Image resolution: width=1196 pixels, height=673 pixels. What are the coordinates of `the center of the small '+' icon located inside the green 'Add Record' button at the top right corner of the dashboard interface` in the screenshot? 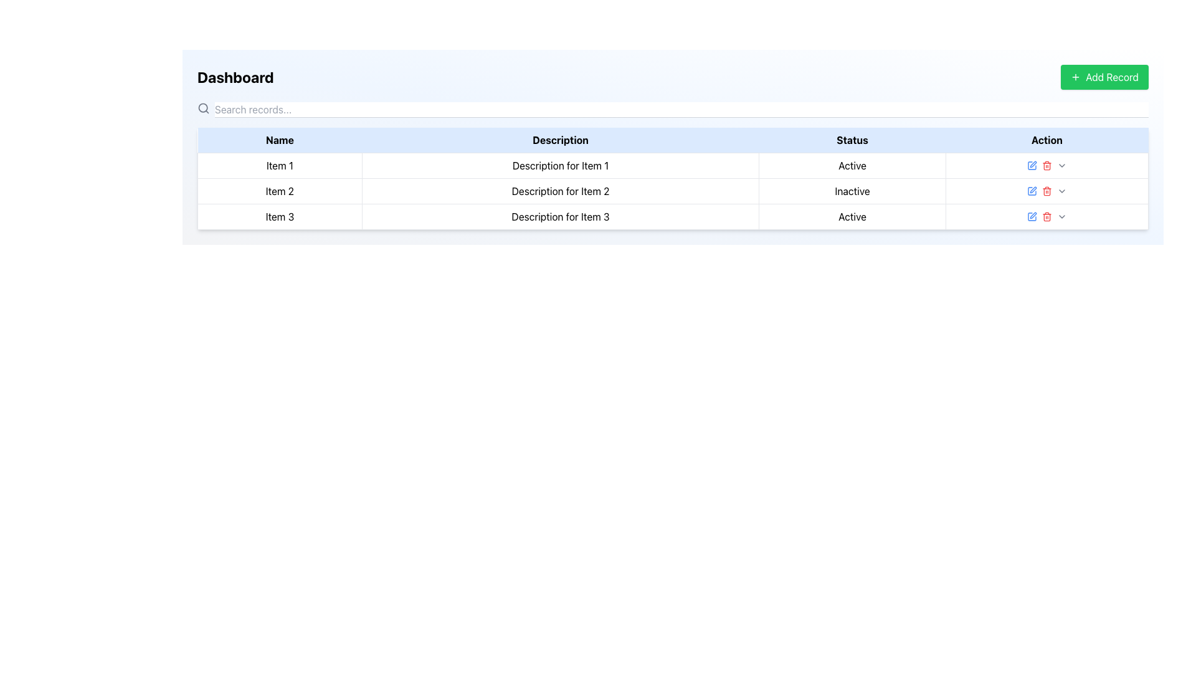 It's located at (1075, 77).